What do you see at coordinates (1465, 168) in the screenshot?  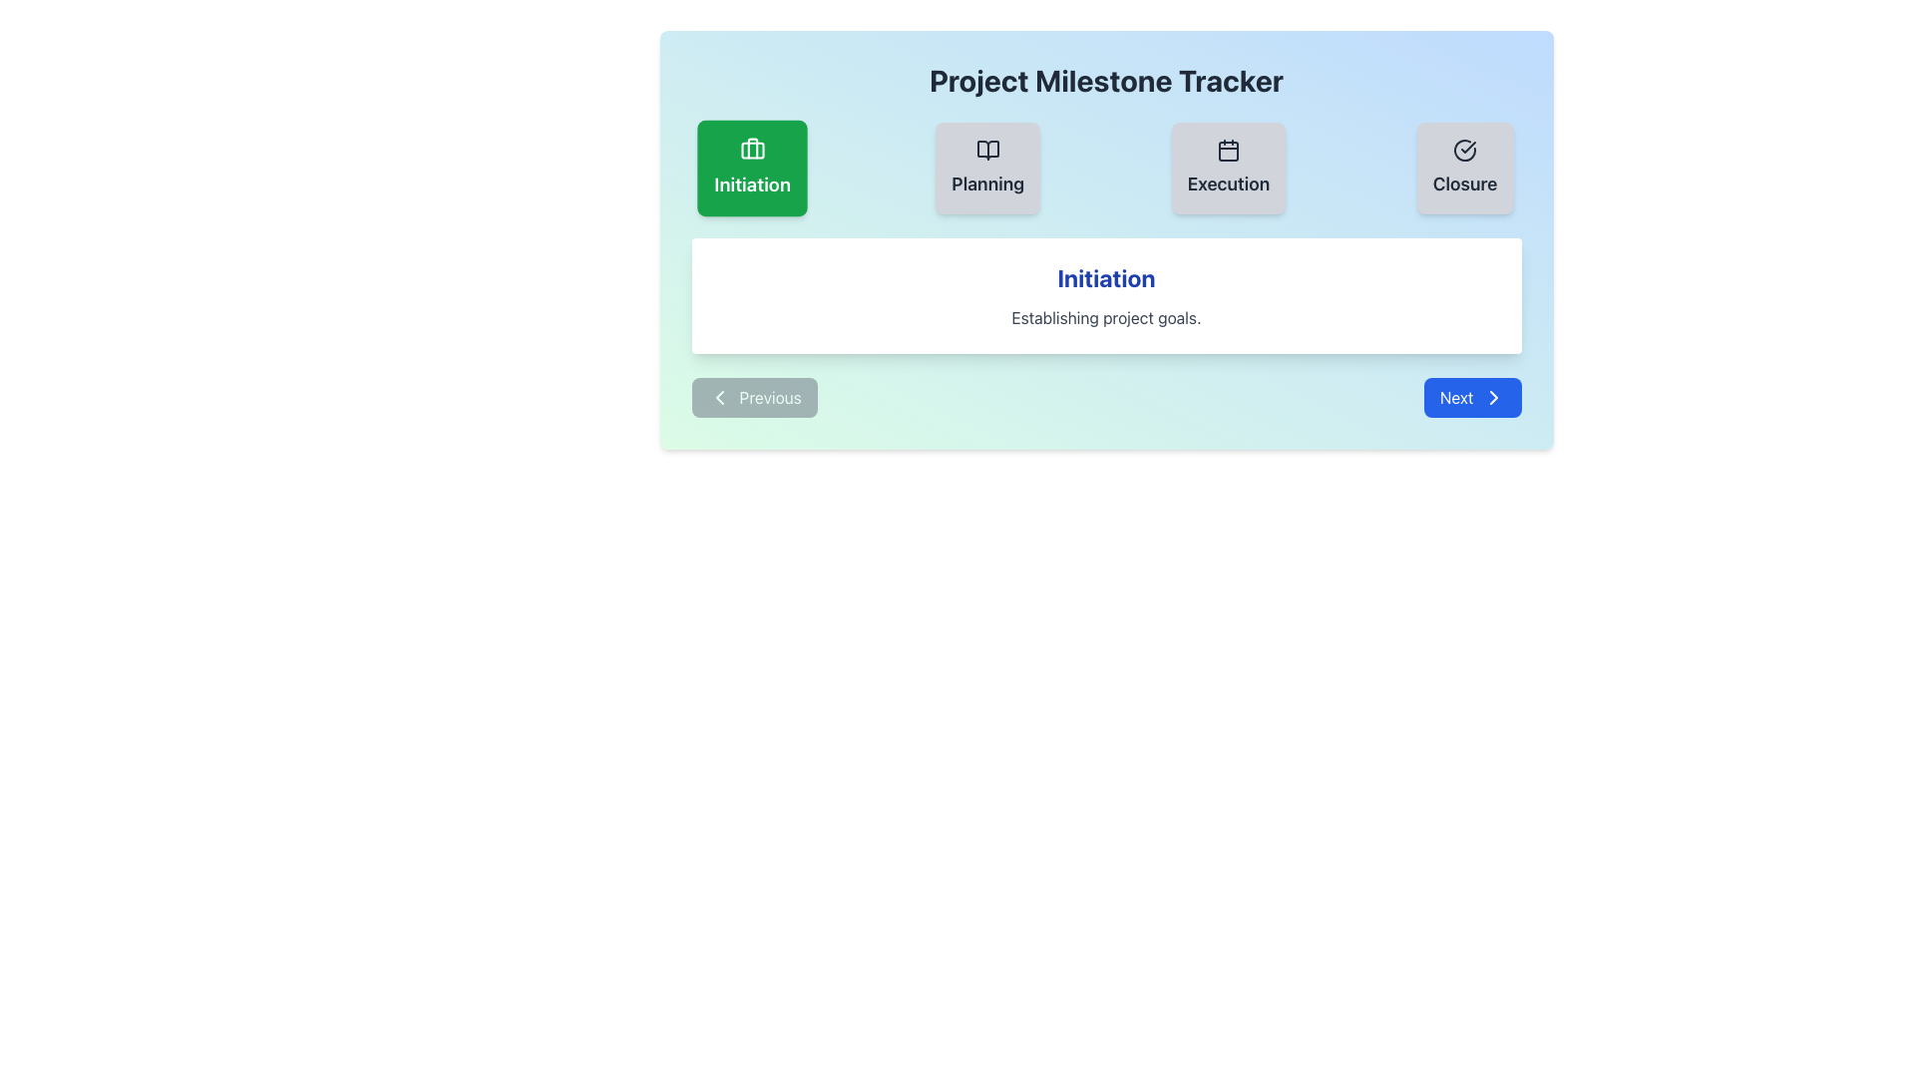 I see `the 'Closure' button, which is the rightmost button in a row of four buttons, adjacent to the 'Execution' button` at bounding box center [1465, 168].